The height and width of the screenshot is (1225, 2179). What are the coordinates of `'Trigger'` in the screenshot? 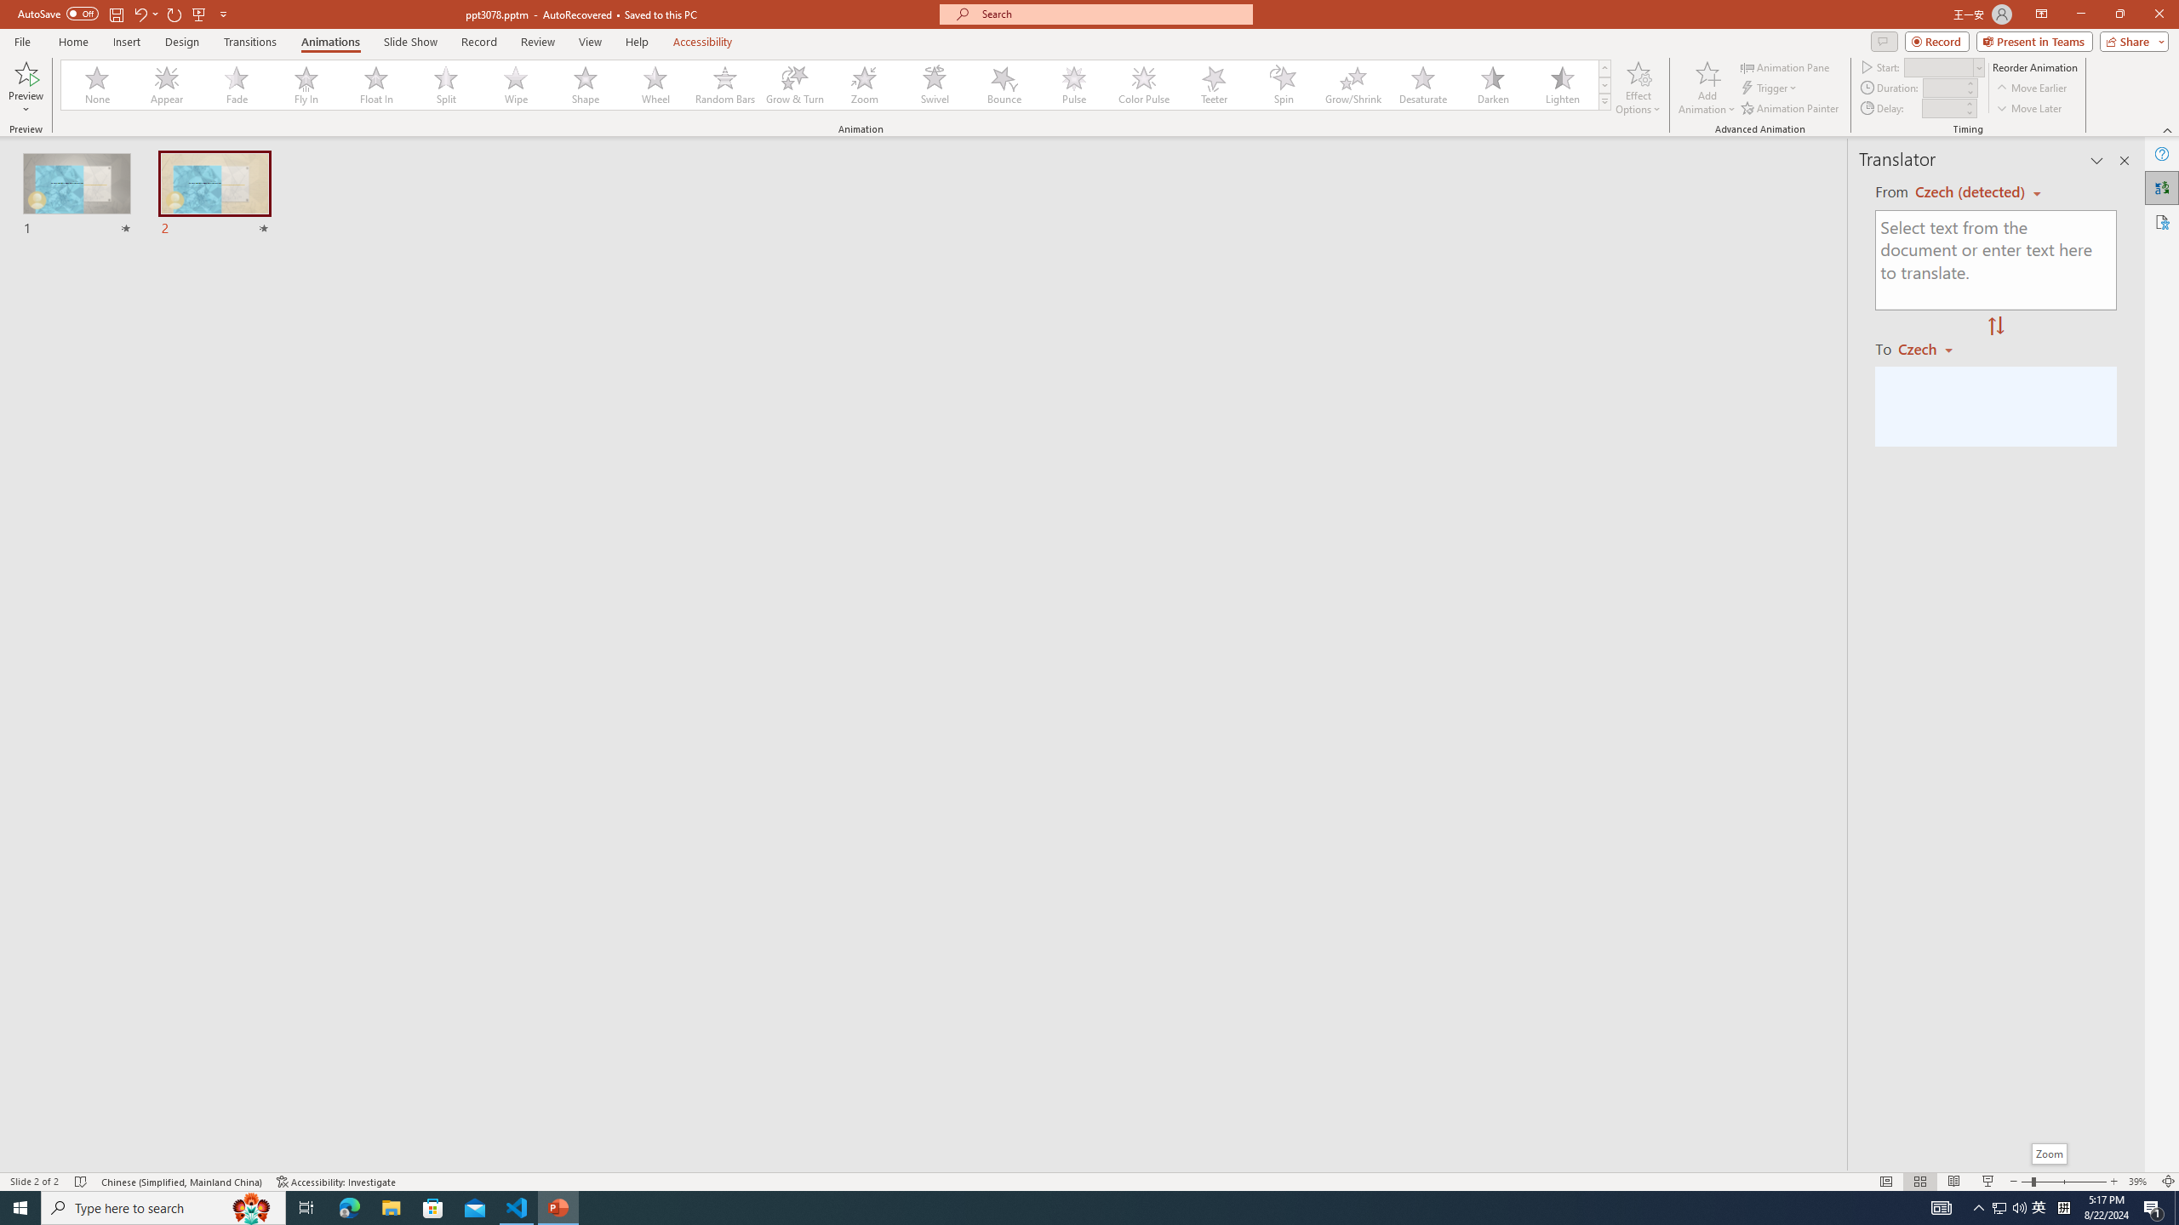 It's located at (1770, 88).